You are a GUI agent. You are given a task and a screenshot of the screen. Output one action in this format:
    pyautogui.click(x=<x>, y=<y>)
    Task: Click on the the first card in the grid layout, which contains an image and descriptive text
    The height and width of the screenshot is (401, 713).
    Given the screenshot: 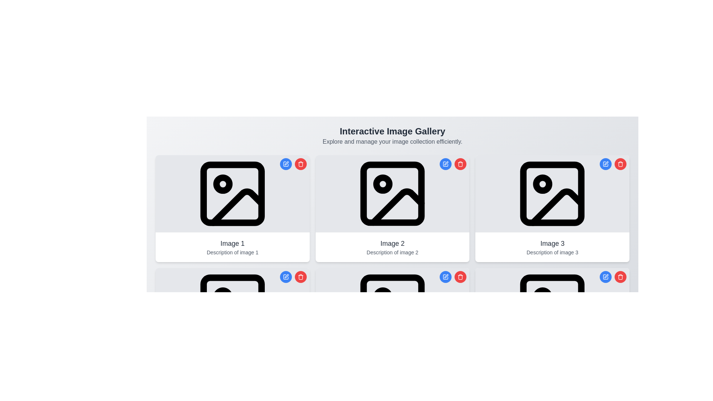 What is the action you would take?
    pyautogui.click(x=232, y=209)
    